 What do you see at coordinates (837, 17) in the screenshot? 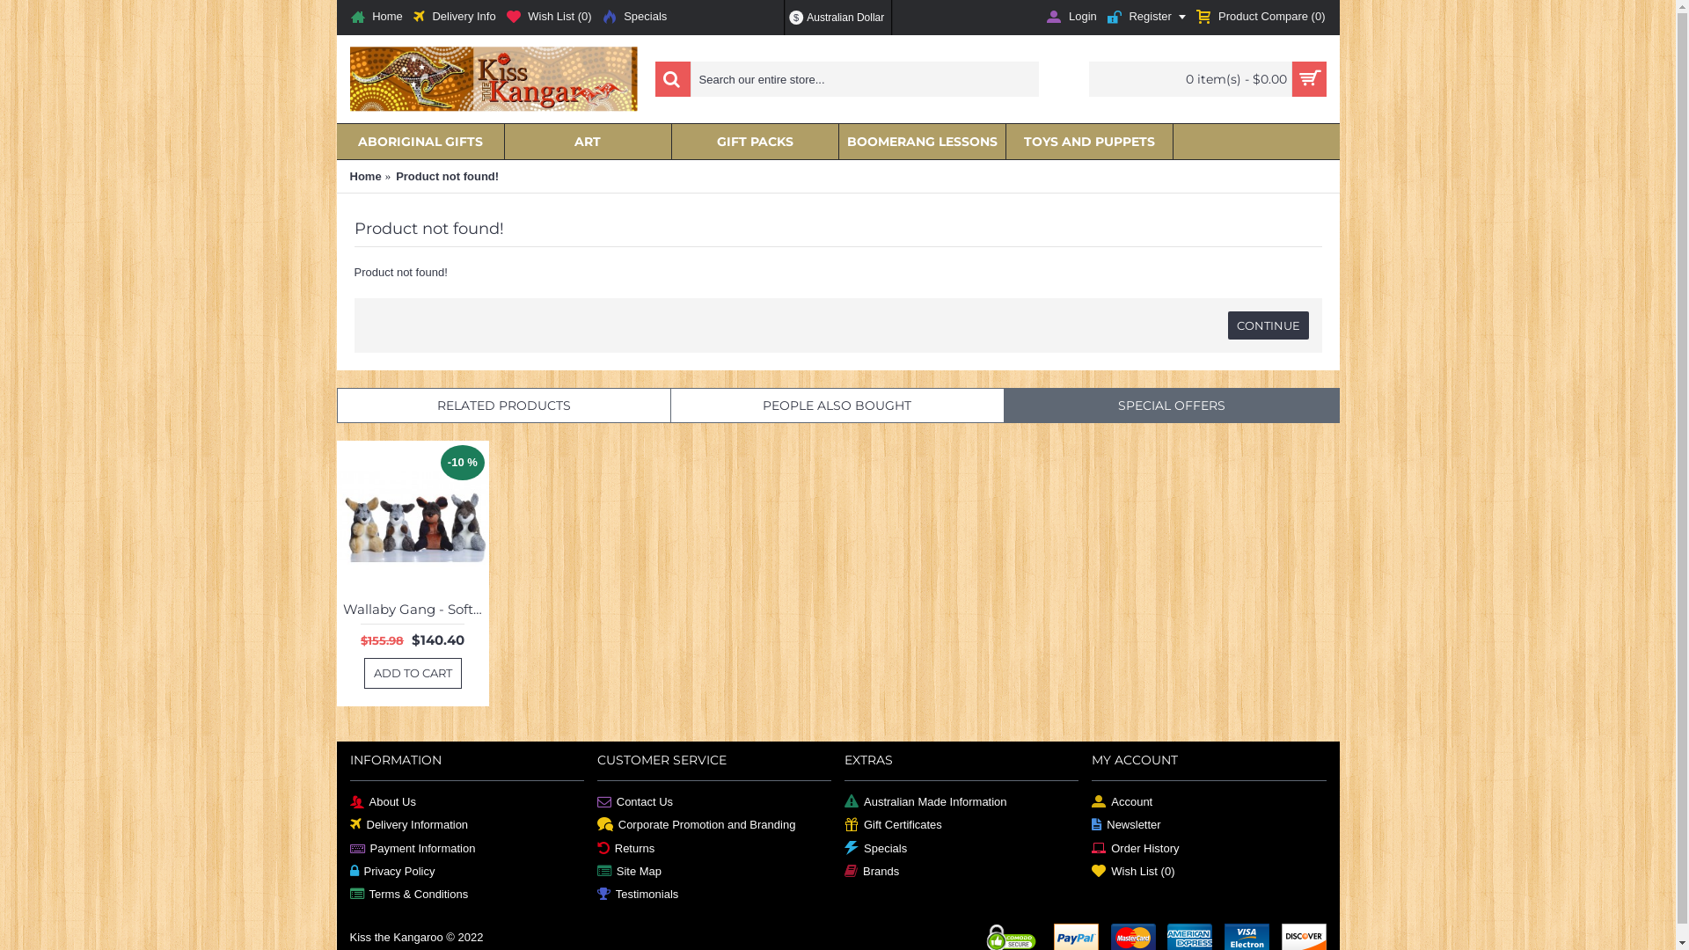
I see `'$` at bounding box center [837, 17].